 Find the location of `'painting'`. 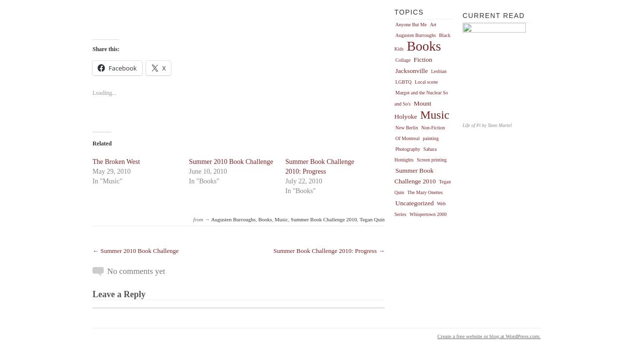

'painting' is located at coordinates (430, 138).